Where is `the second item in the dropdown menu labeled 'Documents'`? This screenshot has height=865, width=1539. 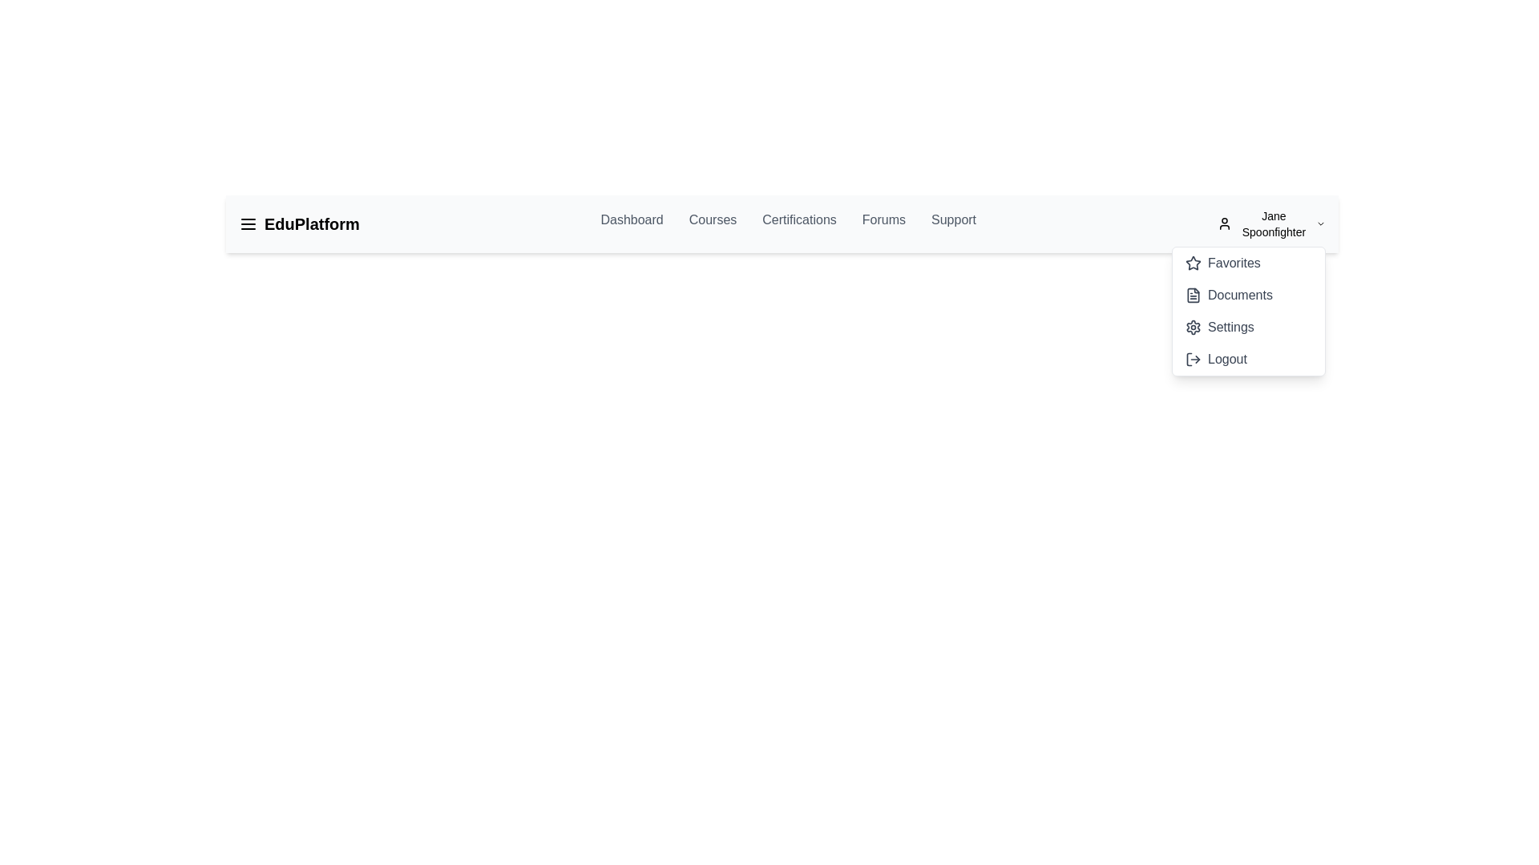
the second item in the dropdown menu labeled 'Documents' is located at coordinates (1248, 312).